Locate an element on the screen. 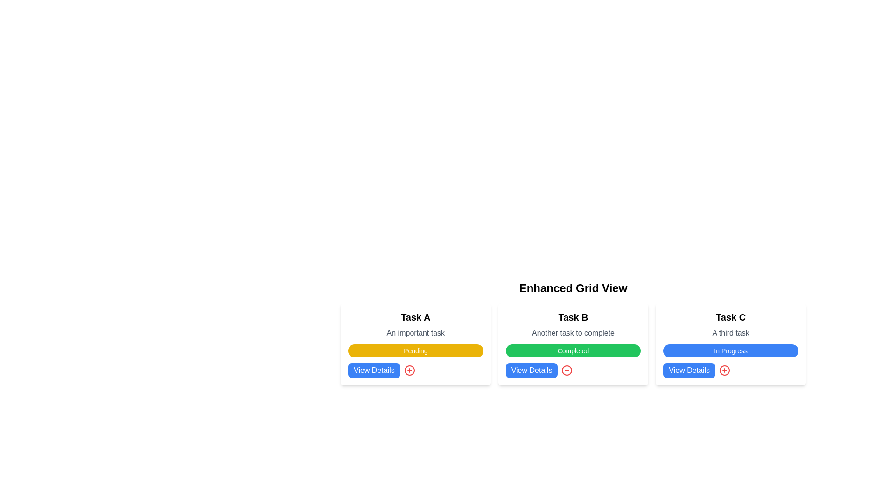 Image resolution: width=896 pixels, height=504 pixels. the Status Indicator Label that represents the task status 'In Progress' within the card labeled 'Task C', located below 'A third task' and above 'View Details' is located at coordinates (730, 351).